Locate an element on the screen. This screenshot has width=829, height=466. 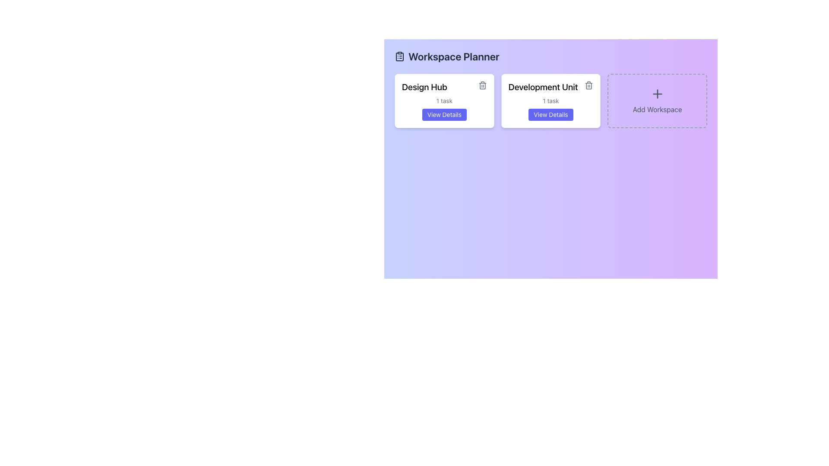
the rectangular button with a purple background and white text saying 'View Details' located at the bottom of the 'Design Hub' card is located at coordinates (444, 114).